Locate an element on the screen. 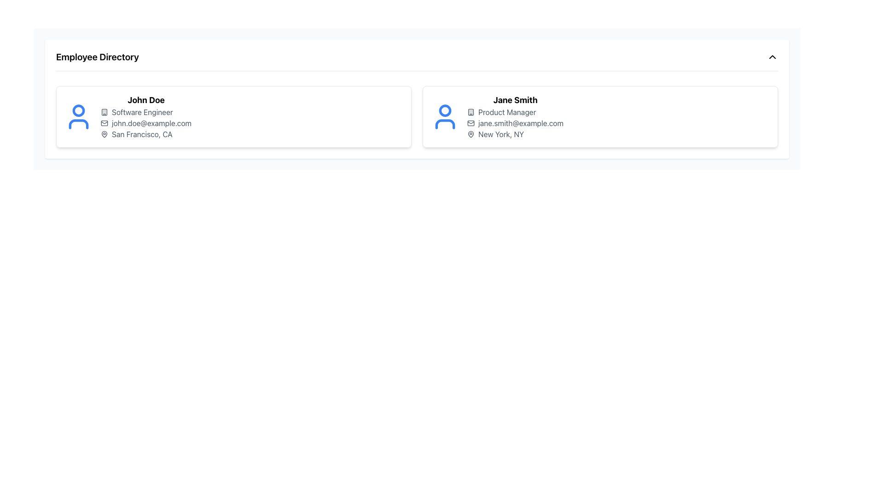  the text label displaying the job title 'Product Manager' for the user 'Jane Smith' in the employee directory is located at coordinates (515, 111).